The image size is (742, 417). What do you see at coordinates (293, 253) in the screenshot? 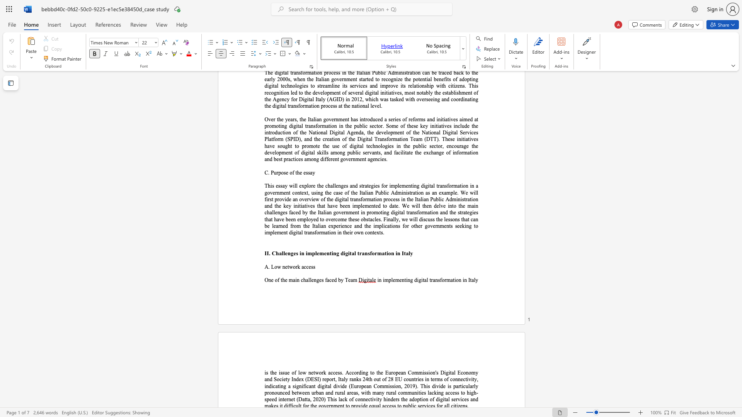
I see `the subset text "es in implementing digital transformation in" within the text "II. Challenges in implementing digital transformation in Italy"` at bounding box center [293, 253].